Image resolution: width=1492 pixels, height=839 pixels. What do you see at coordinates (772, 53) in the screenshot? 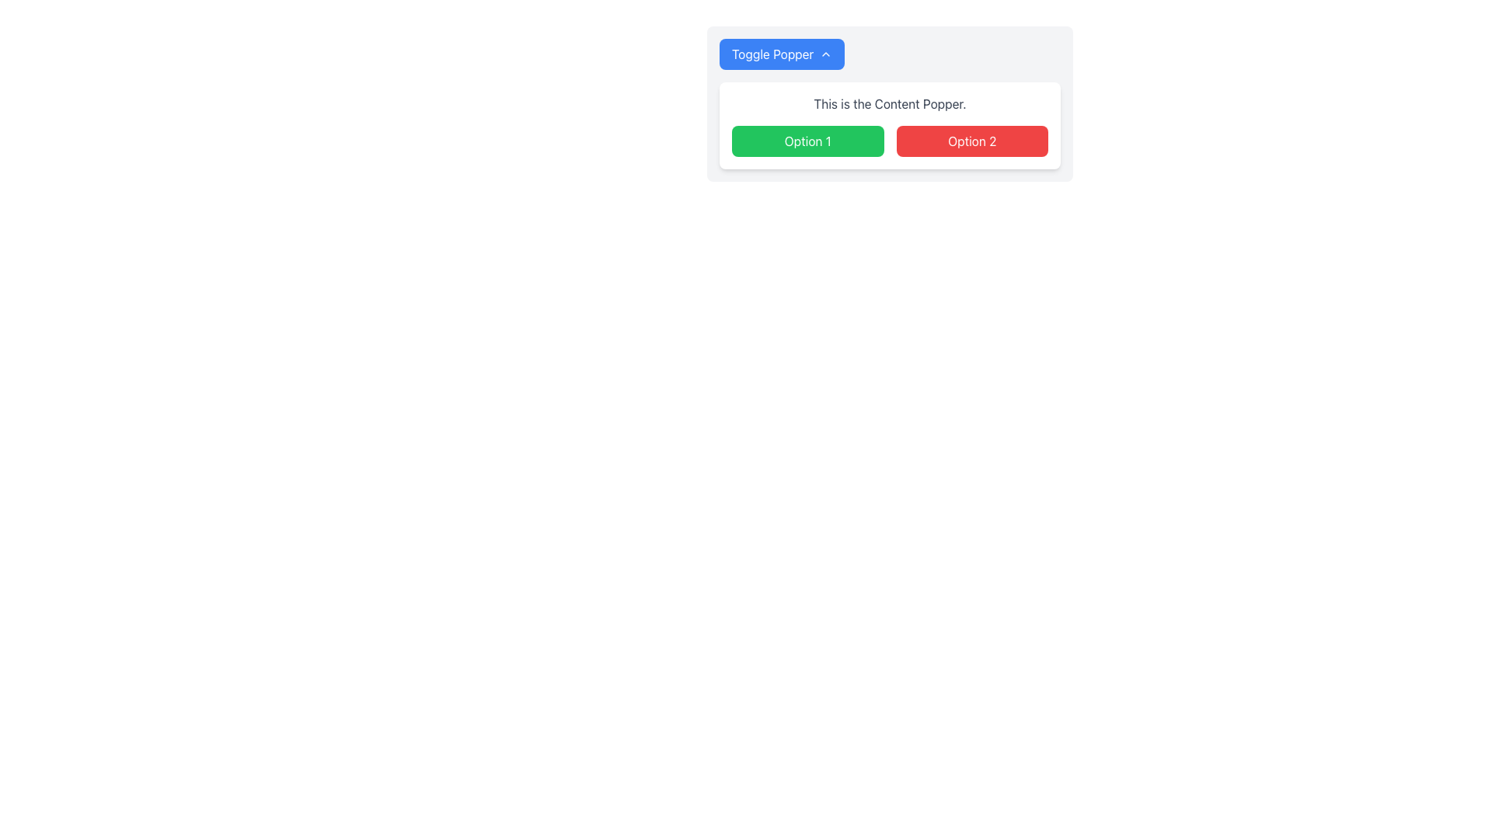
I see `text label 'Toggle Popper' located at the center of the button with a blue background in the top section of the interface` at bounding box center [772, 53].